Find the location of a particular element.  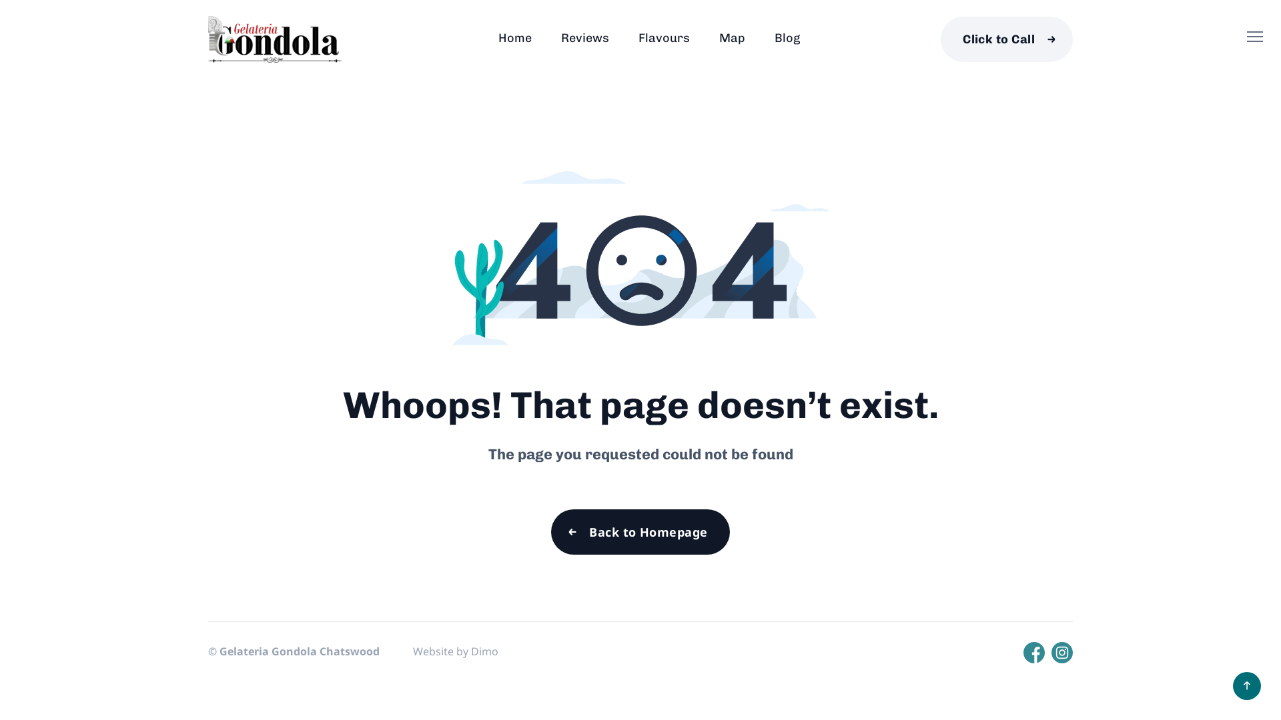

'Website by Dimo' is located at coordinates (455, 650).